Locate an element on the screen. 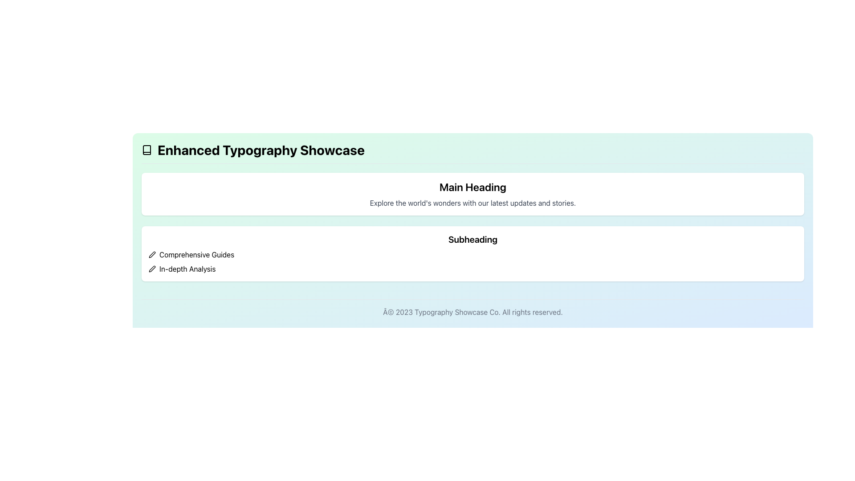 The image size is (855, 481). the book icon SVG graphic located in the top left corner of the page, next to the heading 'Enhanced Typography Showcase' is located at coordinates (147, 149).